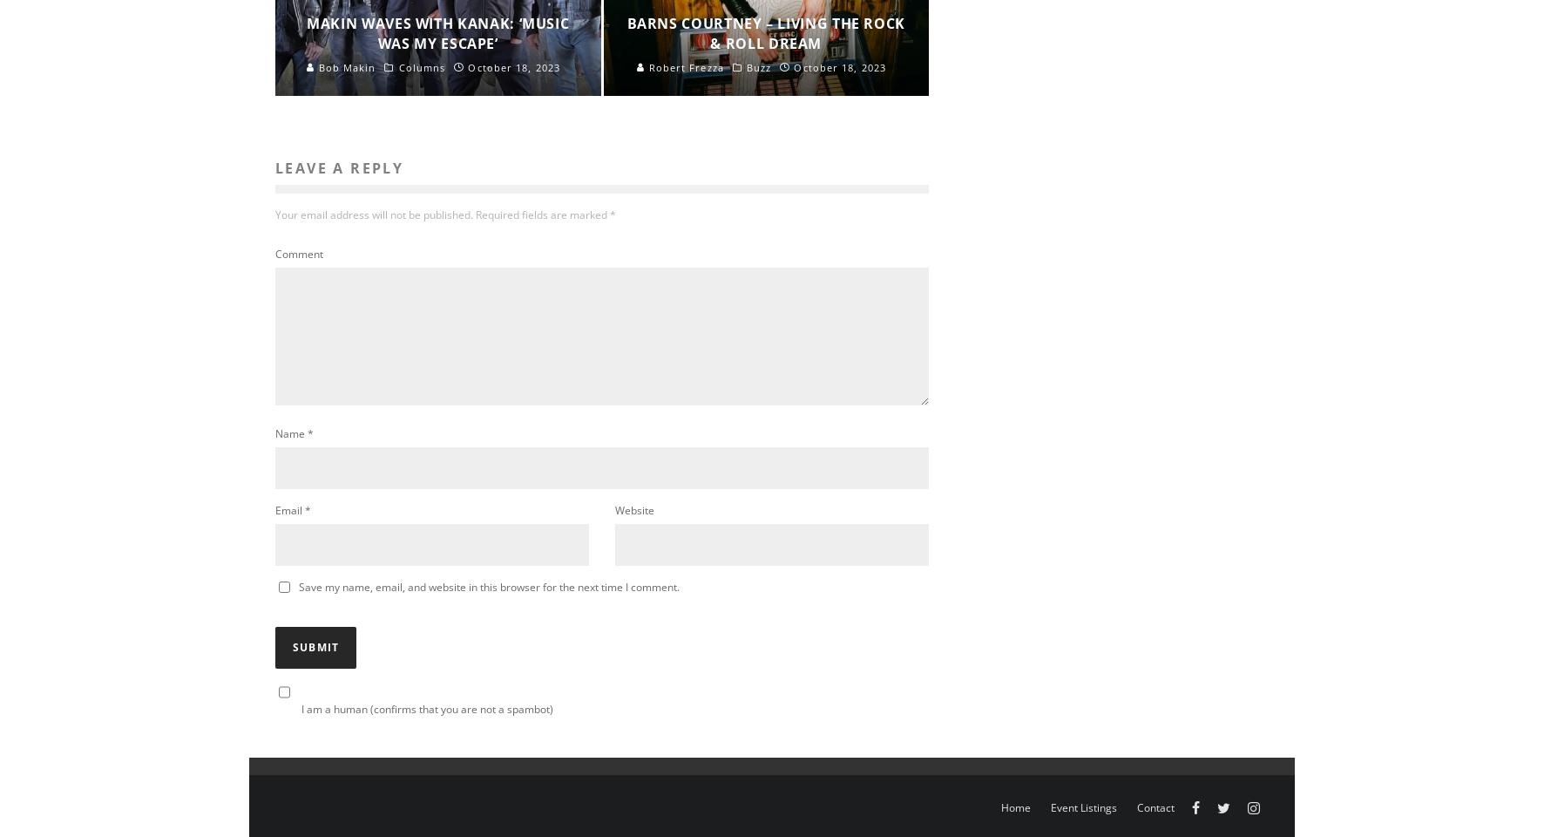  Describe the element at coordinates (345, 67) in the screenshot. I see `'Bob Makin'` at that location.